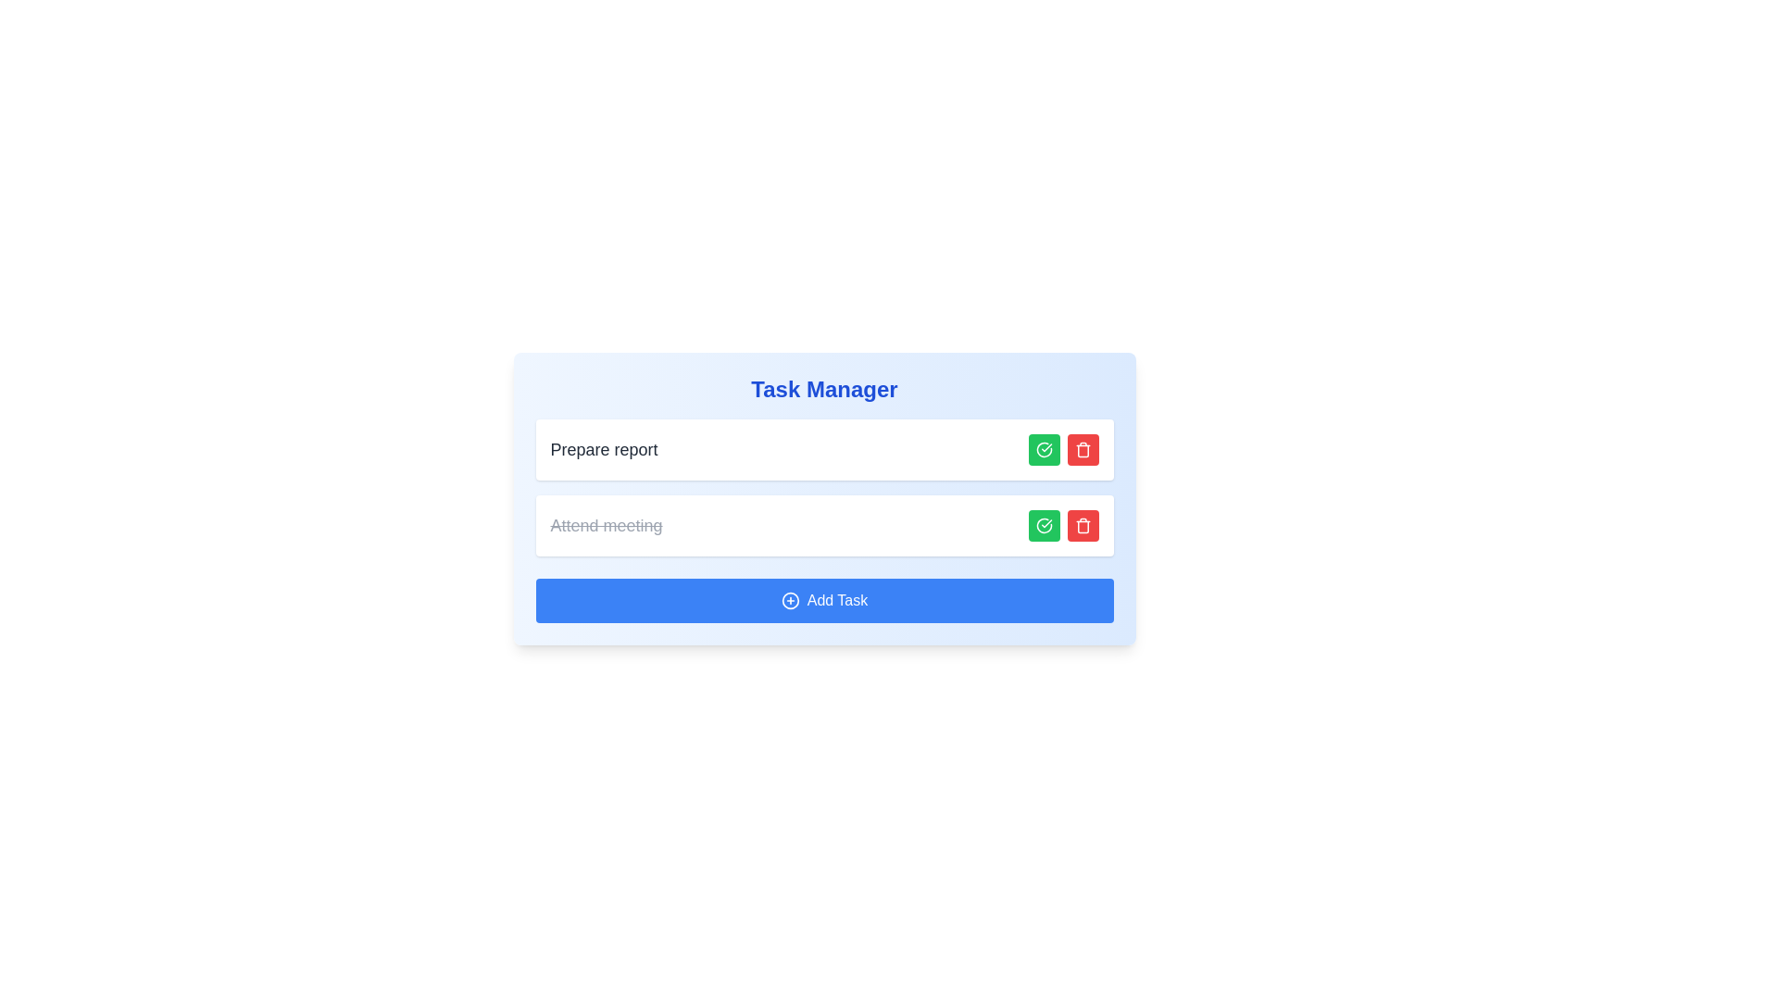 The height and width of the screenshot is (1000, 1778). What do you see at coordinates (823, 525) in the screenshot?
I see `the completed task item in the to-do list, which is the second item in the list` at bounding box center [823, 525].